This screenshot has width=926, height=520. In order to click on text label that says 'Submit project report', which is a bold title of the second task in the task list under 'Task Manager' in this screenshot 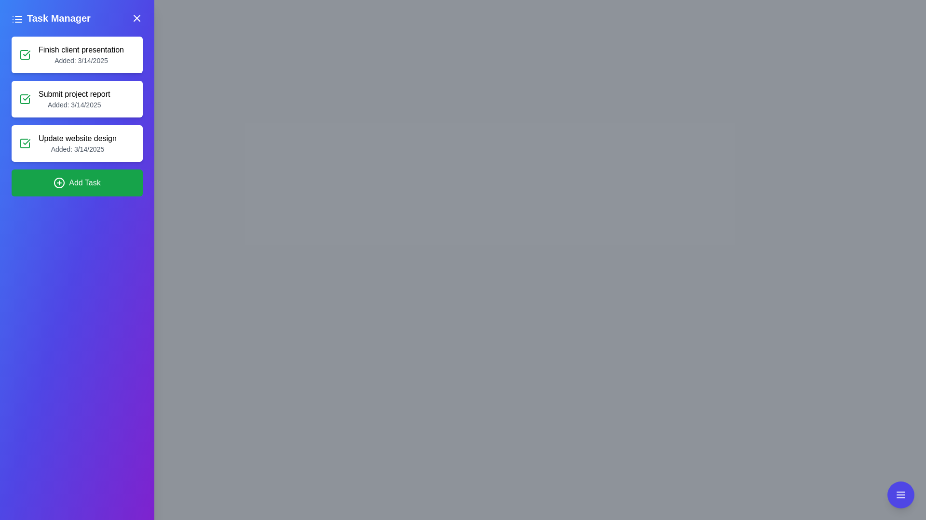, I will do `click(74, 94)`.